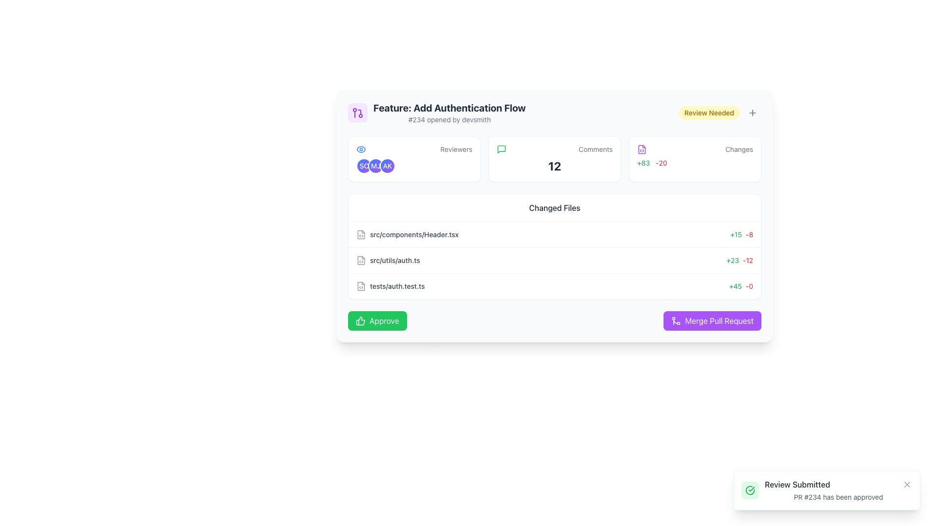 This screenshot has width=936, height=526. Describe the element at coordinates (554, 285) in the screenshot. I see `the metrics of the third item in the 'Changed Files' list` at that location.